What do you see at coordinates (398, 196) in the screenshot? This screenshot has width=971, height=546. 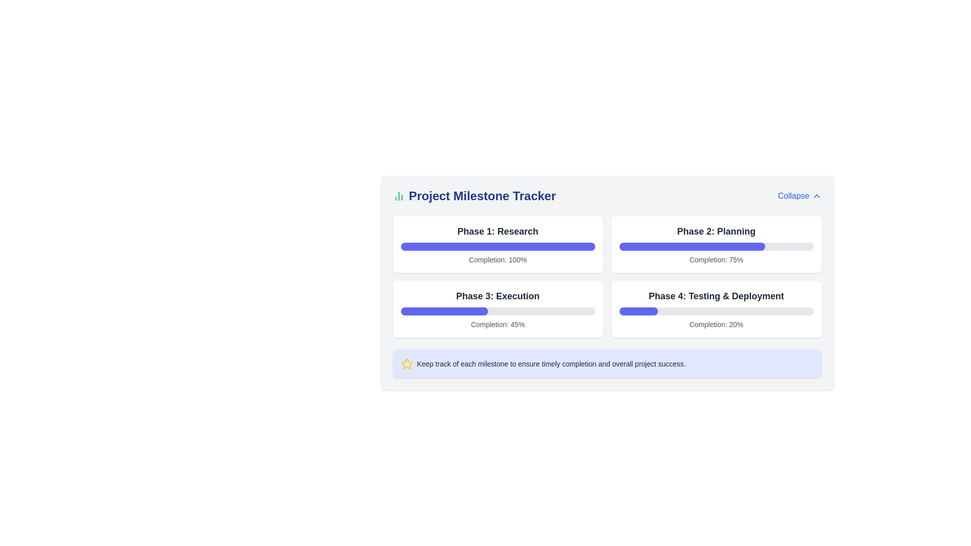 I see `the decorative icon representing the 'Project Milestone Tracker' feature located at the beginning of the header, aligned to the left of the text` at bounding box center [398, 196].